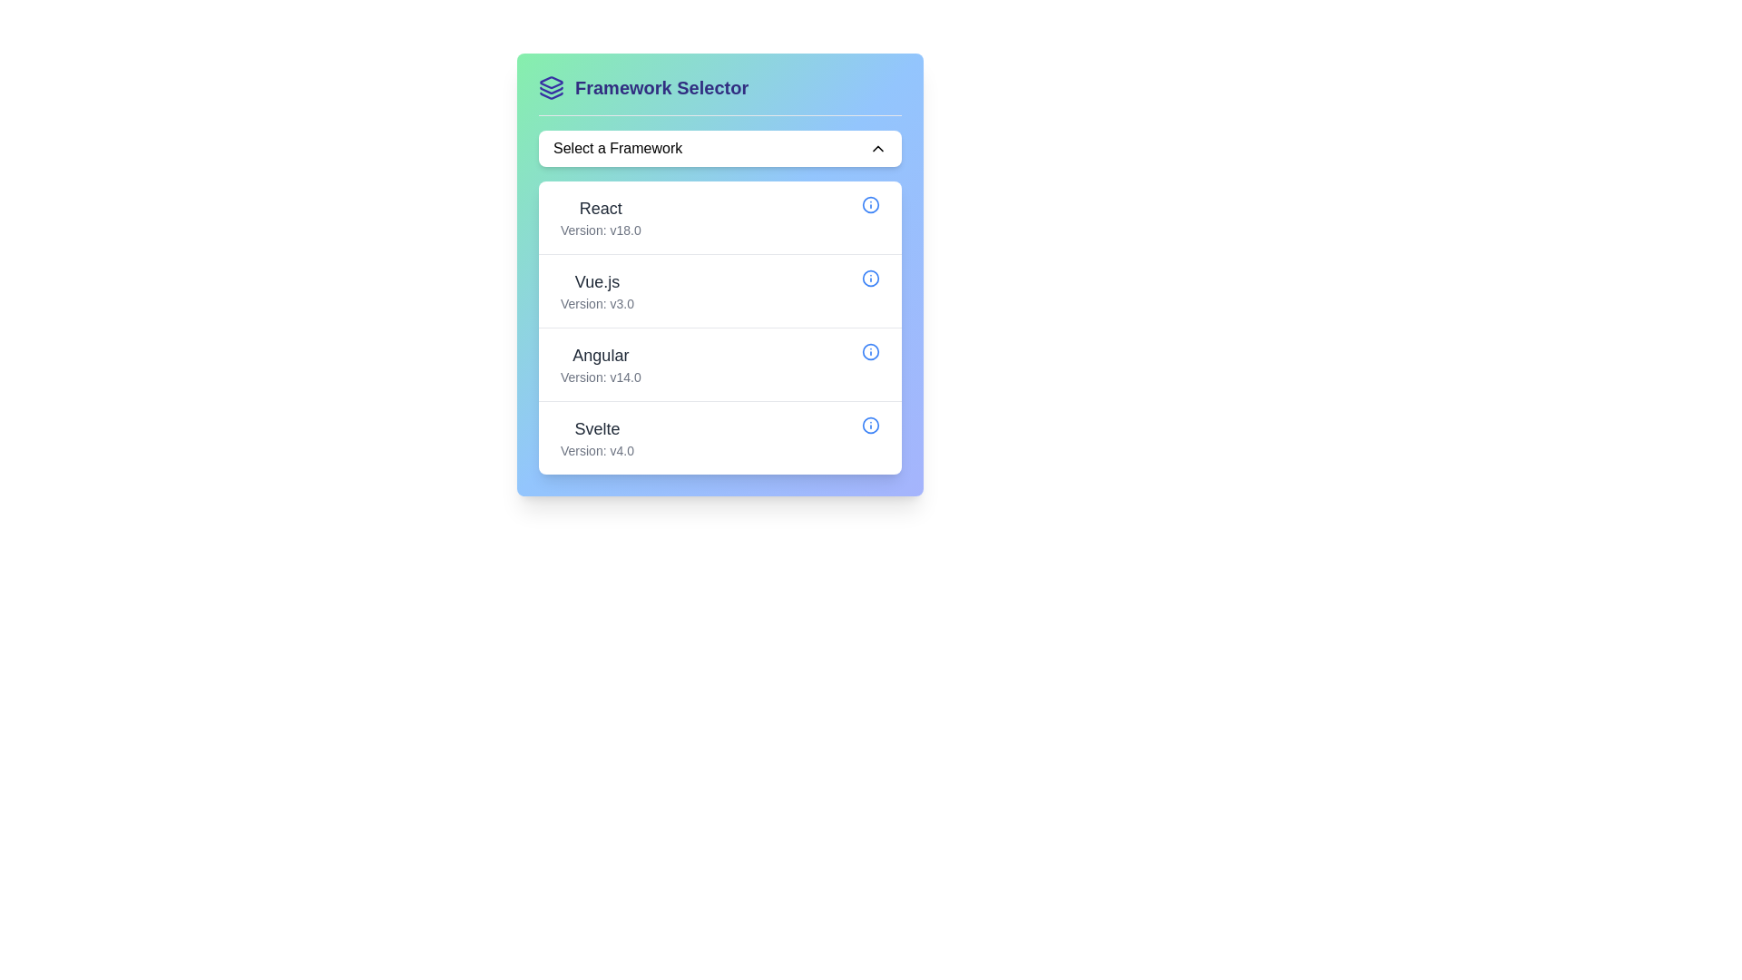  What do you see at coordinates (719, 289) in the screenshot?
I see `the 'Vue.js' card` at bounding box center [719, 289].